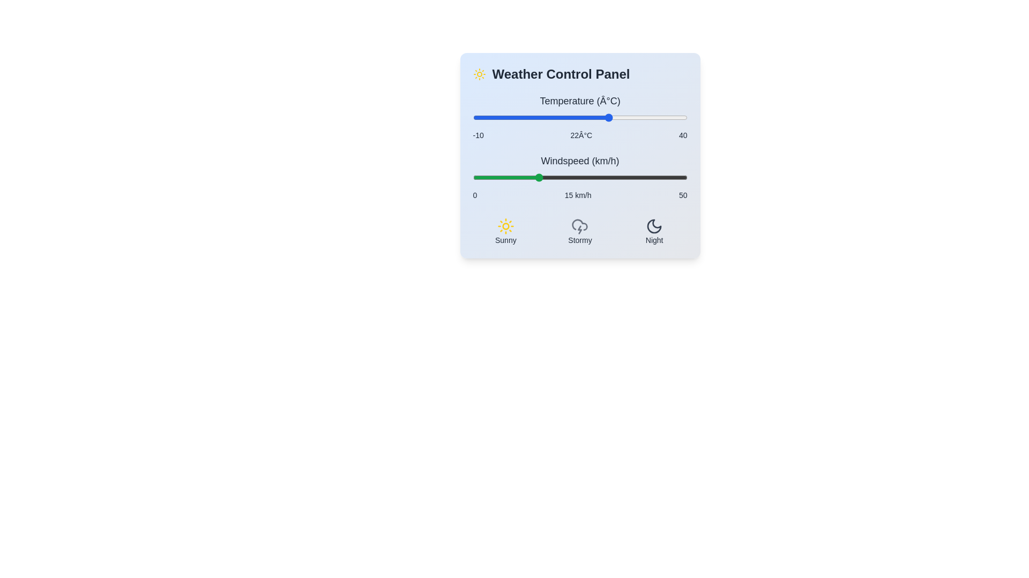 This screenshot has width=1029, height=578. Describe the element at coordinates (579, 226) in the screenshot. I see `the cloud icon with a lightning bolt beneath it, which represents the stormy weather option` at that location.